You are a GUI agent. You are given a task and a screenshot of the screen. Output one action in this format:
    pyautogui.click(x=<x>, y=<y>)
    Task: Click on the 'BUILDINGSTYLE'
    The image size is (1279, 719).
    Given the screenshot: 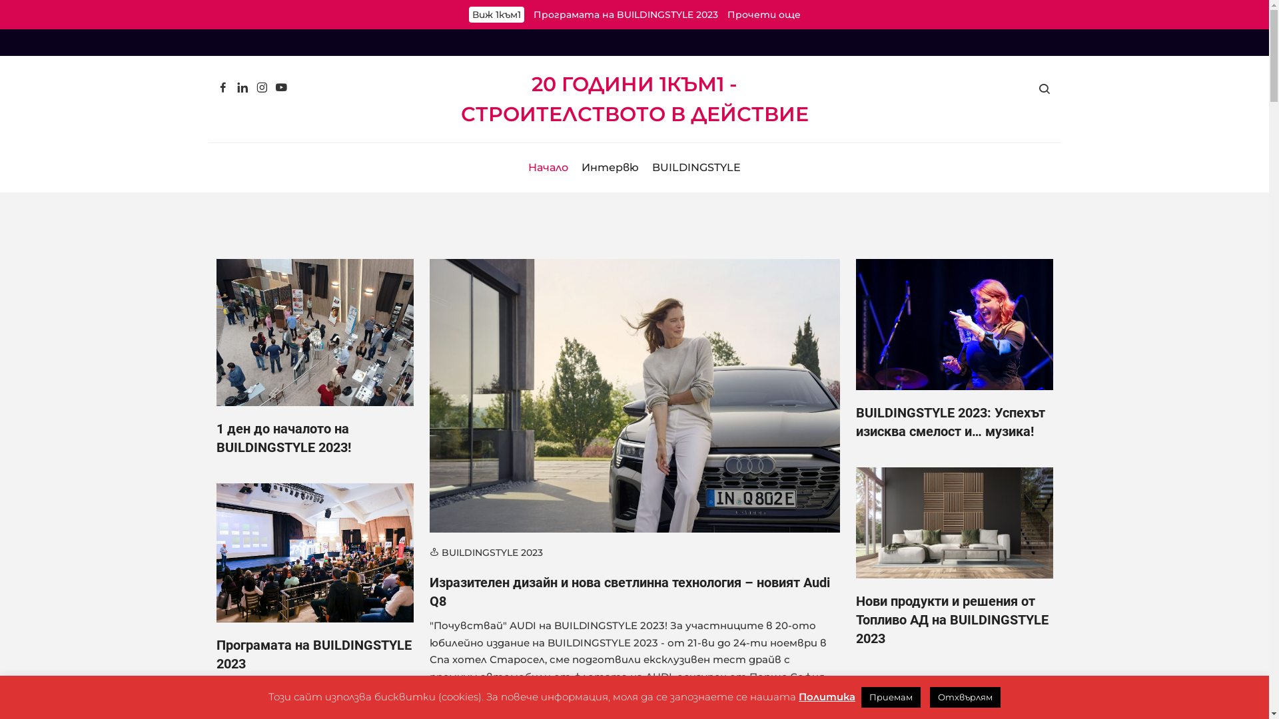 What is the action you would take?
    pyautogui.click(x=695, y=166)
    